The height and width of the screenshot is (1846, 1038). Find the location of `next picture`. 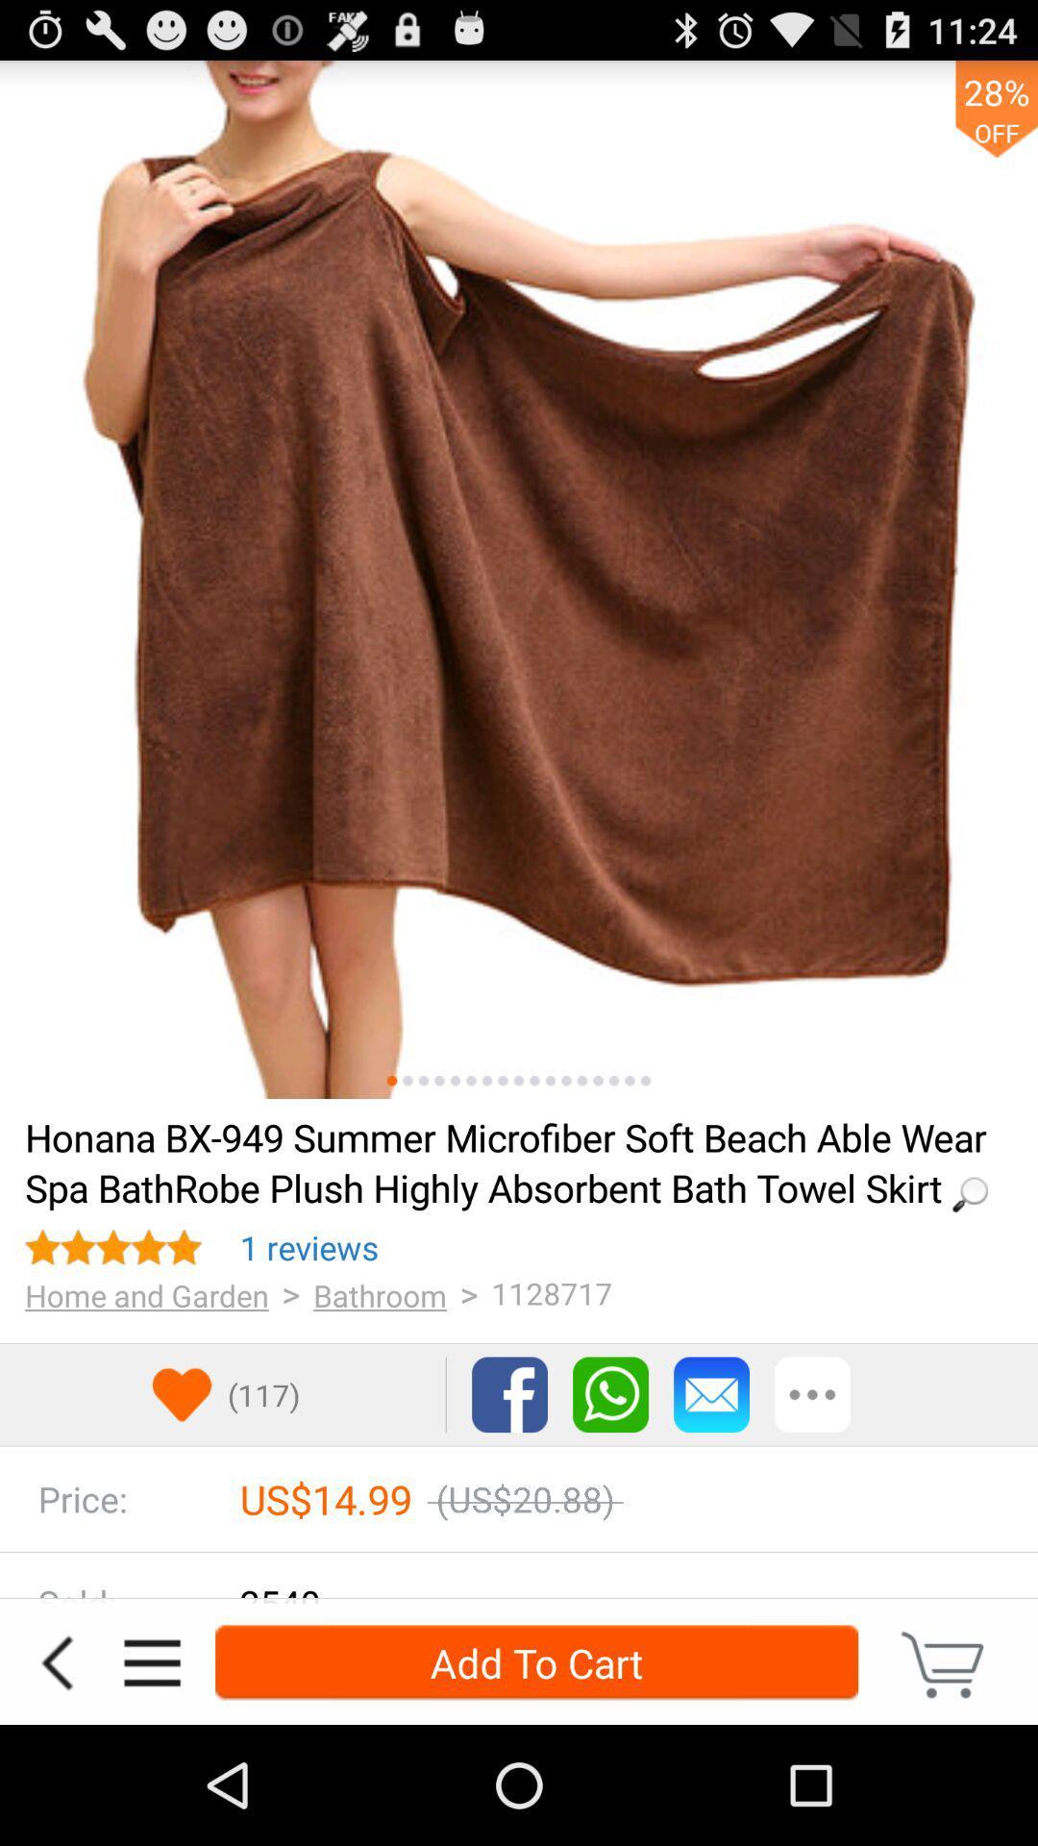

next picture is located at coordinates (485, 1081).